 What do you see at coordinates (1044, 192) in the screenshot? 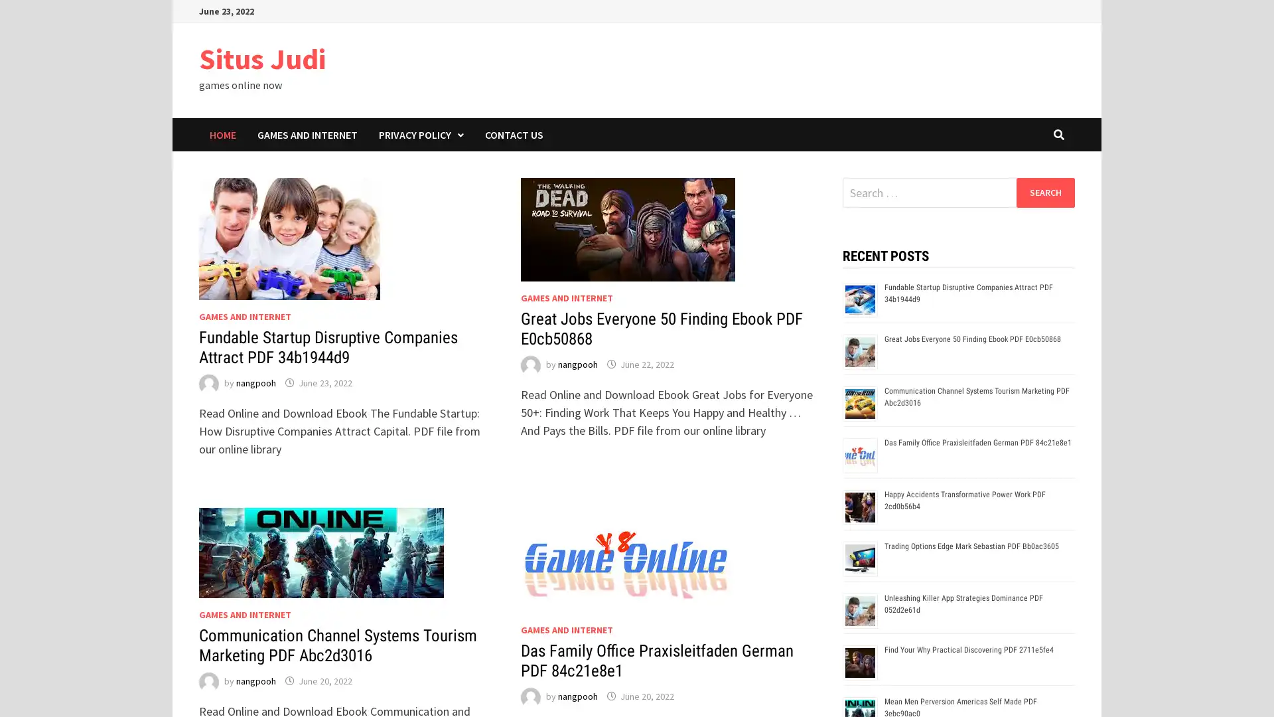
I see `Search` at bounding box center [1044, 192].